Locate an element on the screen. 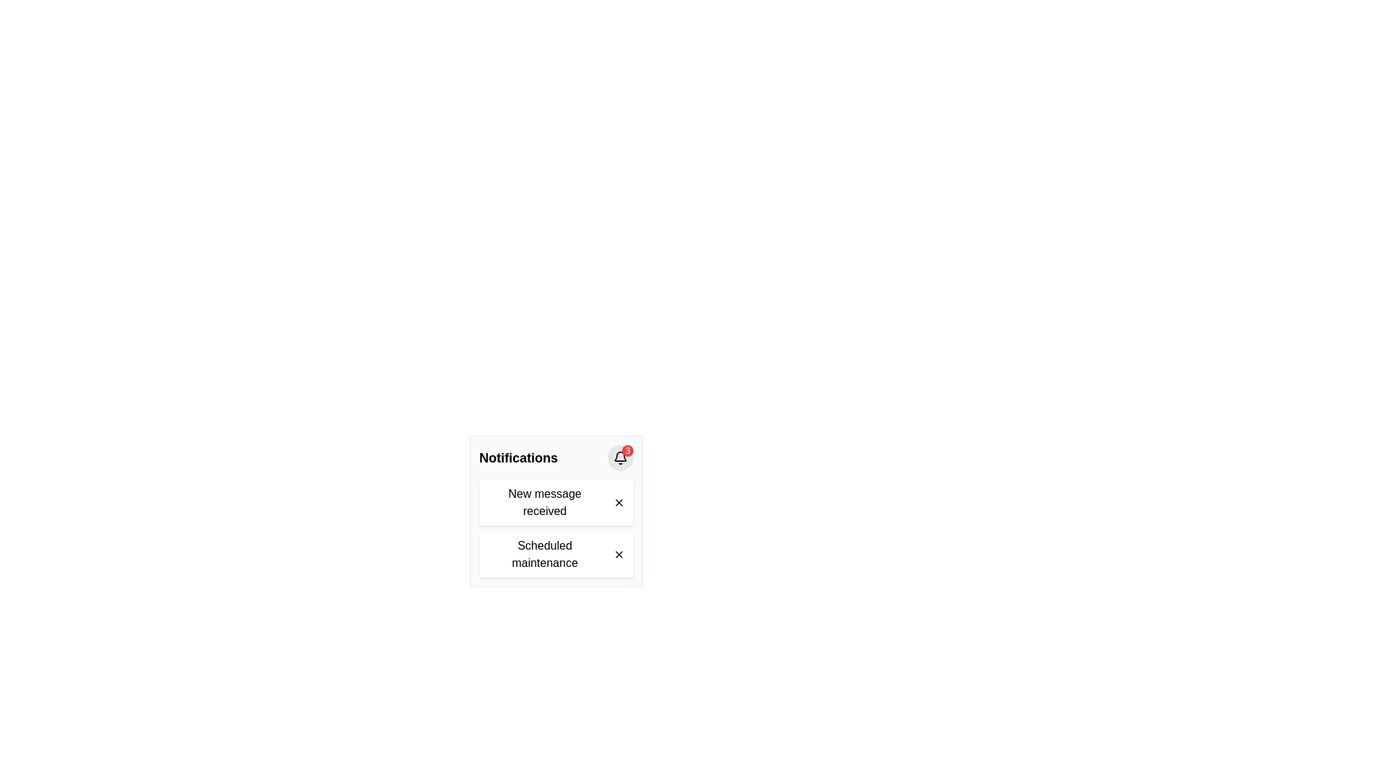 The height and width of the screenshot is (778, 1384). the text label displaying the notification message 'Scheduled maintenance', which is positioned within a notification item box and is the second item below the notification title is located at coordinates (544, 554).